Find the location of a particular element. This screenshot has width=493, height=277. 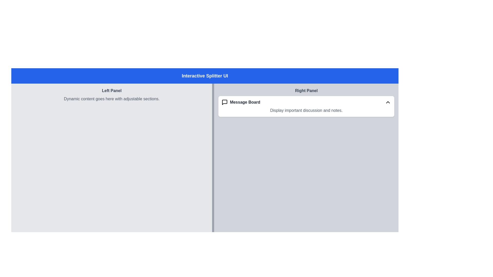

the icon located in the 'Message Board' card, which serves as a visual representation for message or comment categories, positioned on the left side of the title text is located at coordinates (225, 102).